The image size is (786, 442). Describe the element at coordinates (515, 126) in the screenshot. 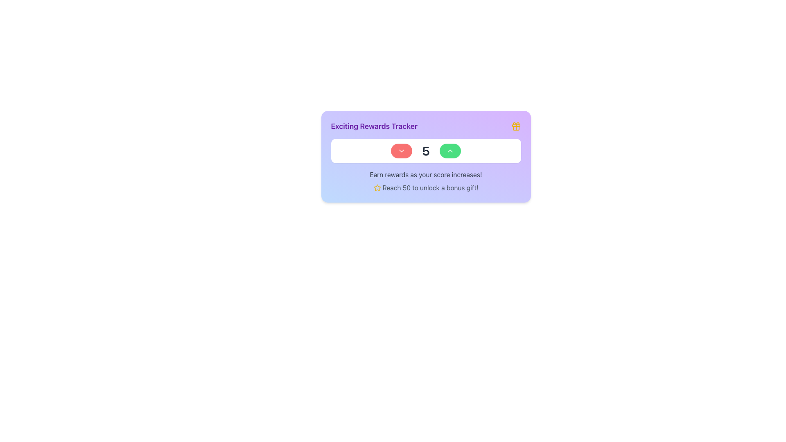

I see `the narrow horizontal rectangle within the gift box icon located in the upper right corner of the rewards tracker card` at that location.